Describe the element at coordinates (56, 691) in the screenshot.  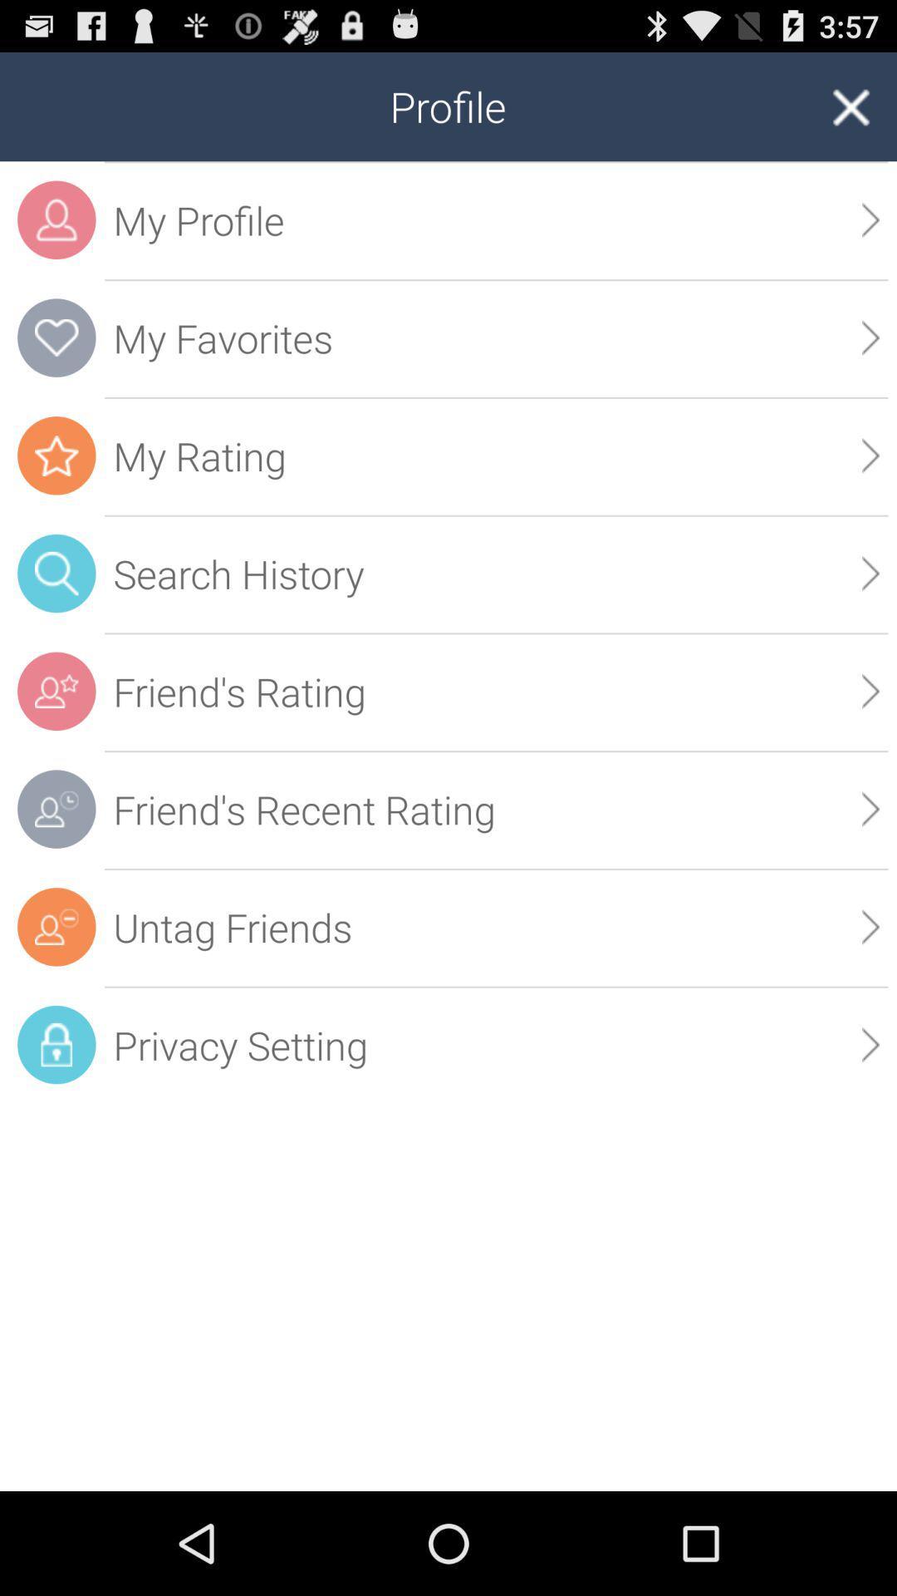
I see `the icon which is left to the friends rating` at that location.